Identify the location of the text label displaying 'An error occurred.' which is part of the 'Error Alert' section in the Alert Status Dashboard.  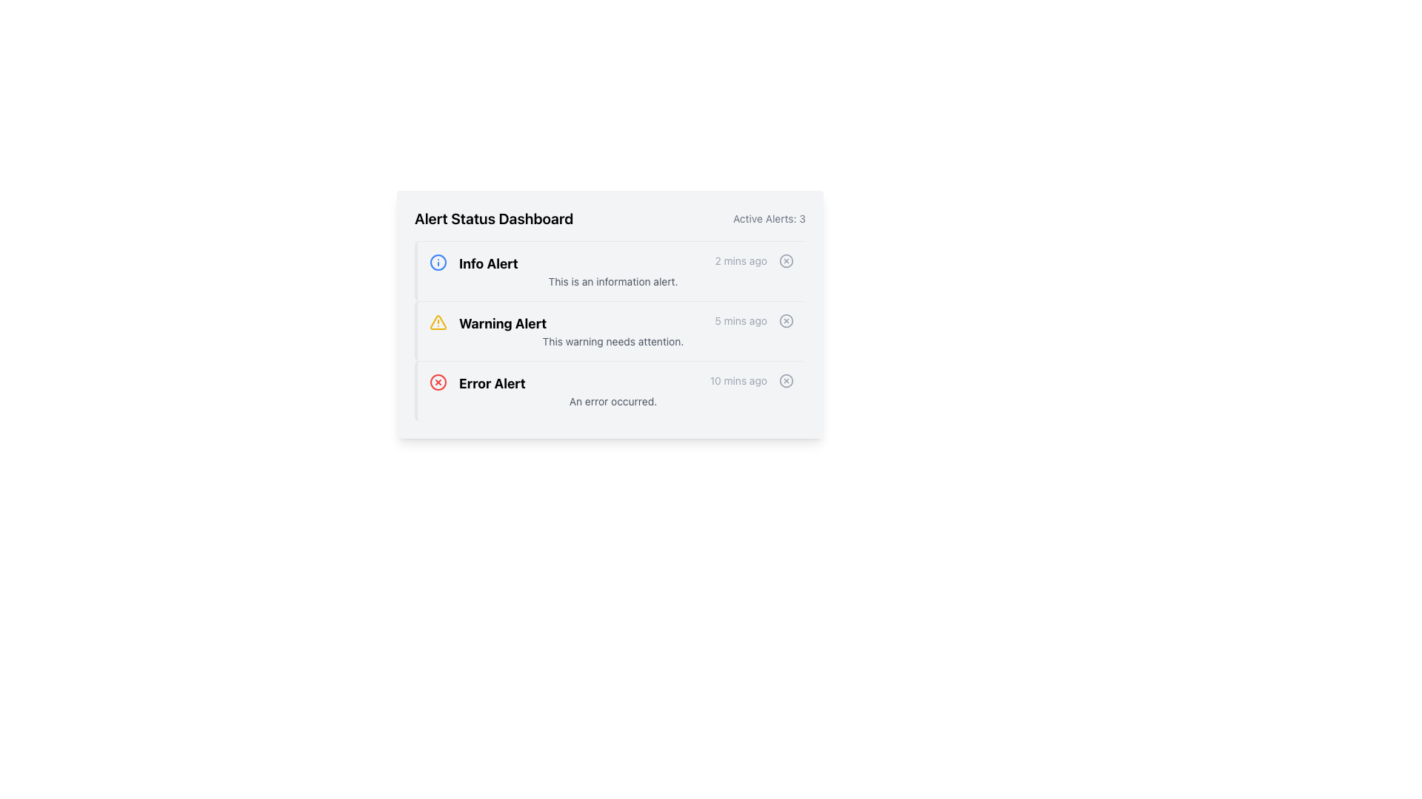
(613, 402).